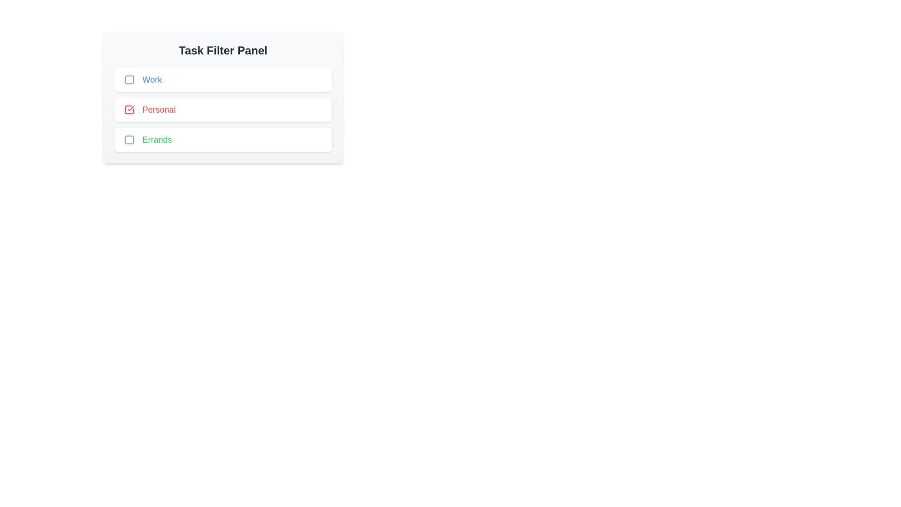 The width and height of the screenshot is (901, 507). Describe the element at coordinates (222, 109) in the screenshot. I see `the checkbox labeled 'Personal' in the 'Task Filter Panel' to filter tasks` at that location.